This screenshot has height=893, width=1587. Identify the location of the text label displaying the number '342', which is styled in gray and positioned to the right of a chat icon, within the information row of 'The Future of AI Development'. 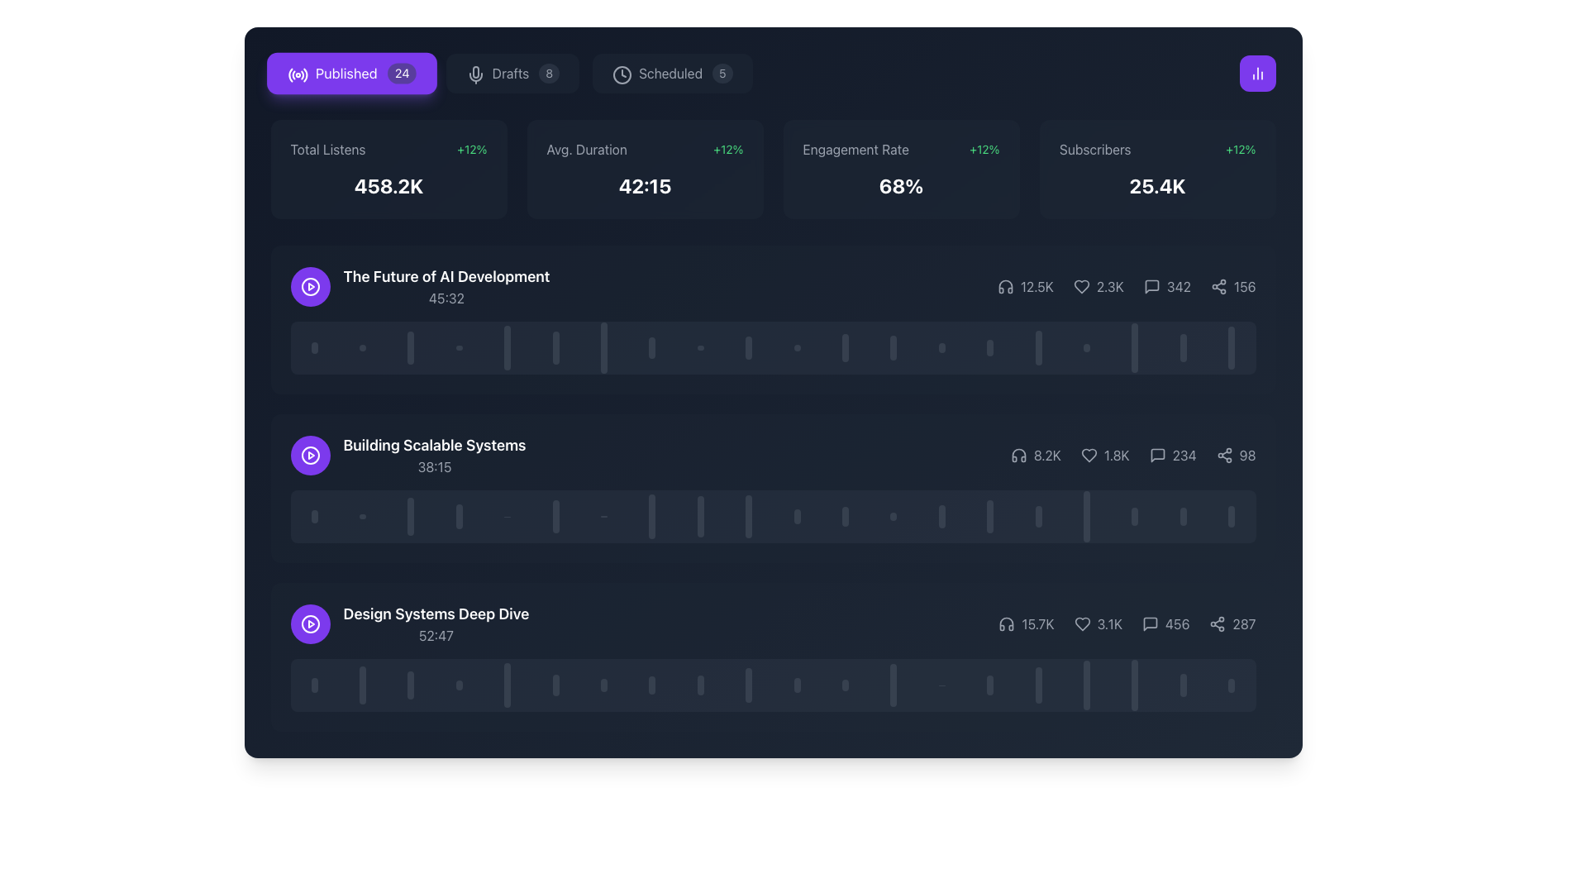
(1178, 286).